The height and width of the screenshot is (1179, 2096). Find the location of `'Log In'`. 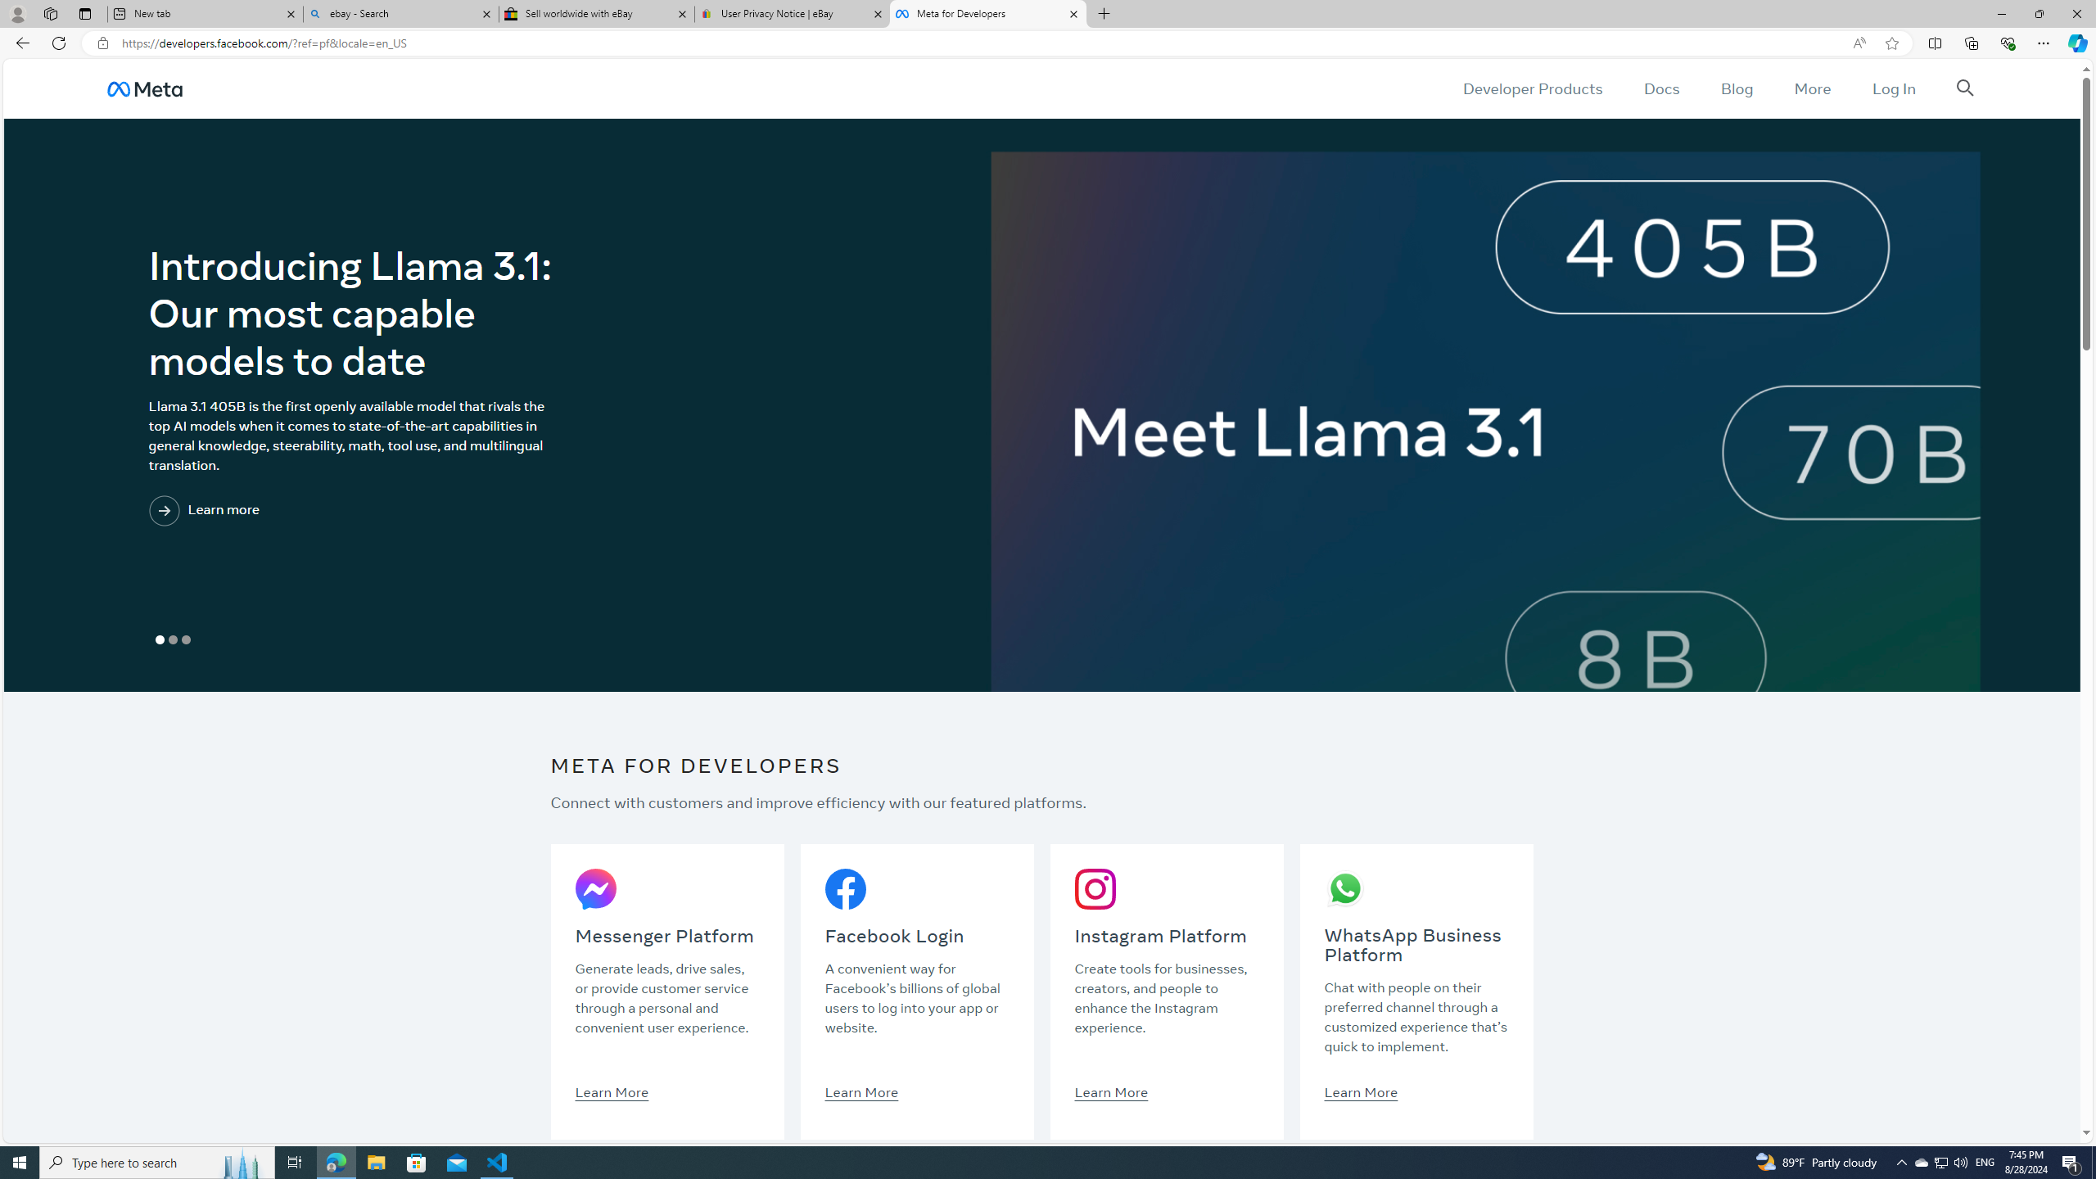

'Log In' is located at coordinates (1892, 88).